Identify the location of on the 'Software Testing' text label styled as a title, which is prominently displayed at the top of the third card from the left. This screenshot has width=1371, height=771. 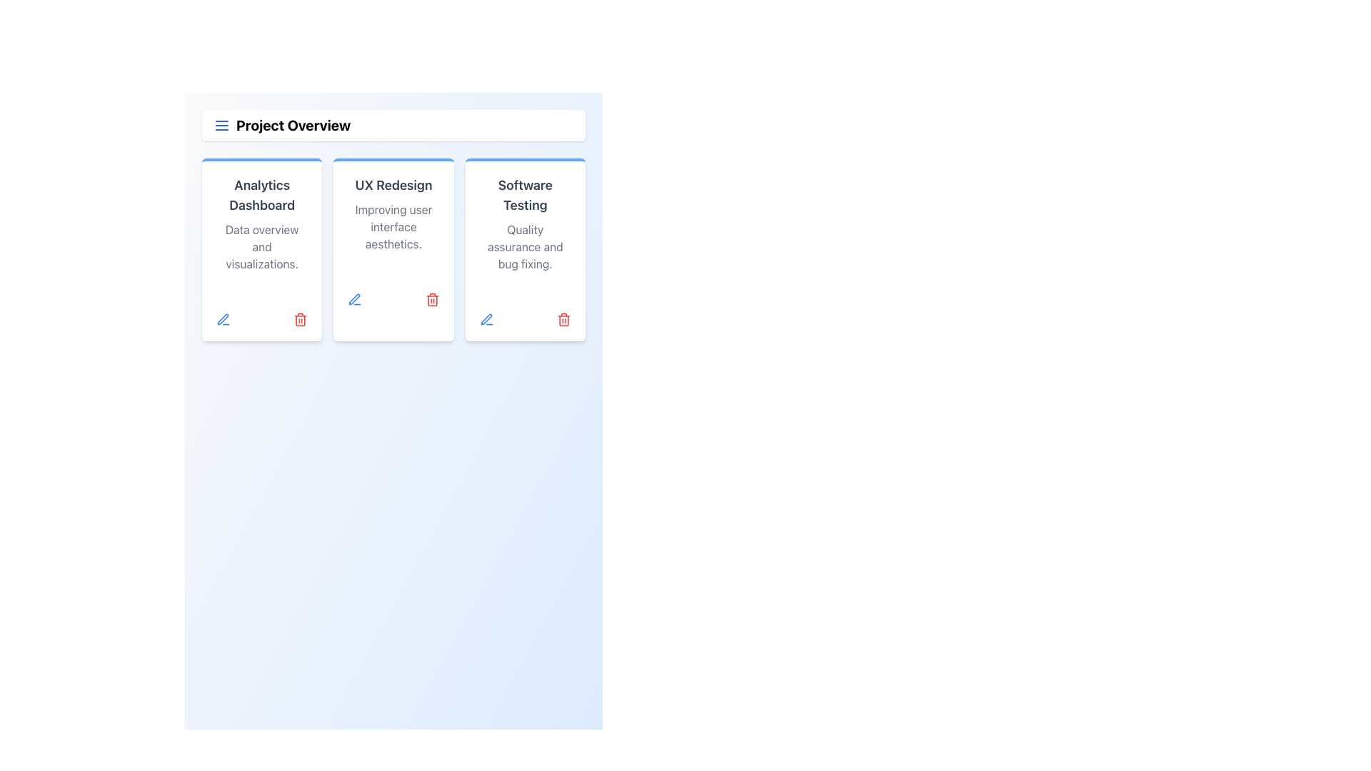
(524, 195).